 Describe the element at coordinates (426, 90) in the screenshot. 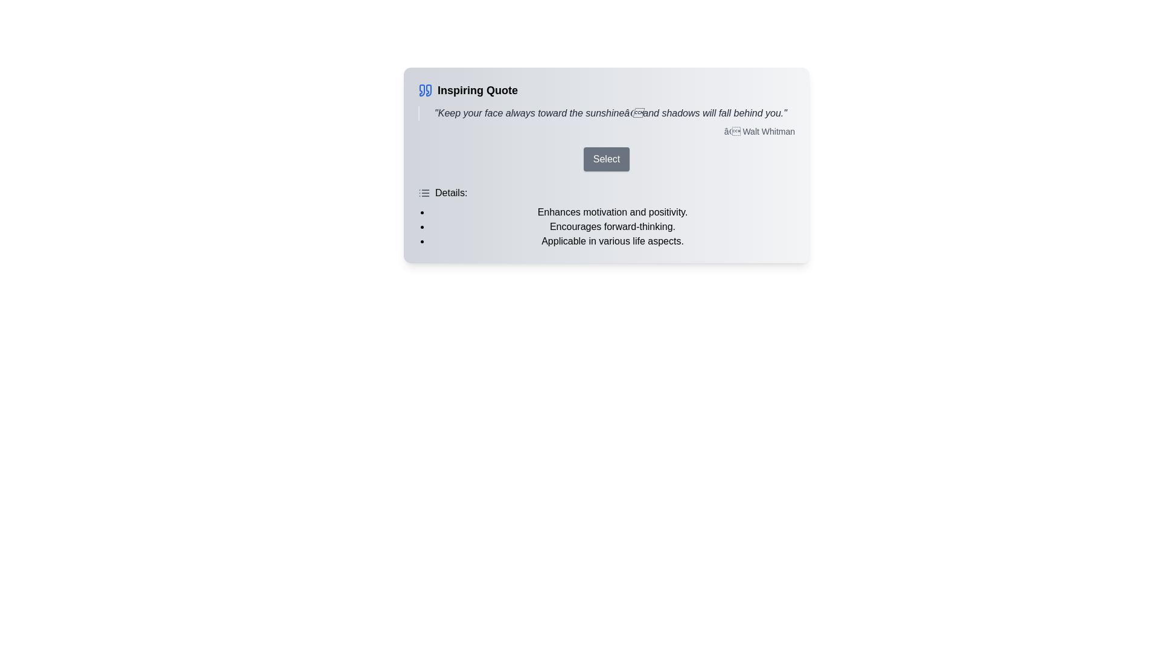

I see `the decorative blue quotation marks icon located to the left of the text 'Inspiring Quote' in the header section` at that location.